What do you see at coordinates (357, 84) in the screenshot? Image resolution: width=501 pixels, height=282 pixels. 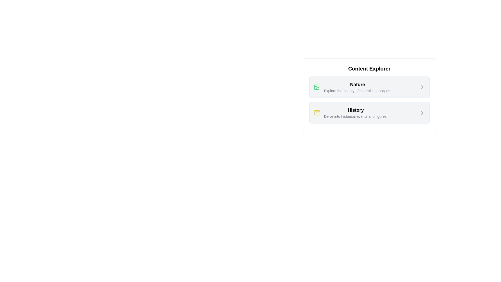 I see `the title text element at the top of the card in the 'Content Explorer' section, which indicates the main category of the card content` at bounding box center [357, 84].